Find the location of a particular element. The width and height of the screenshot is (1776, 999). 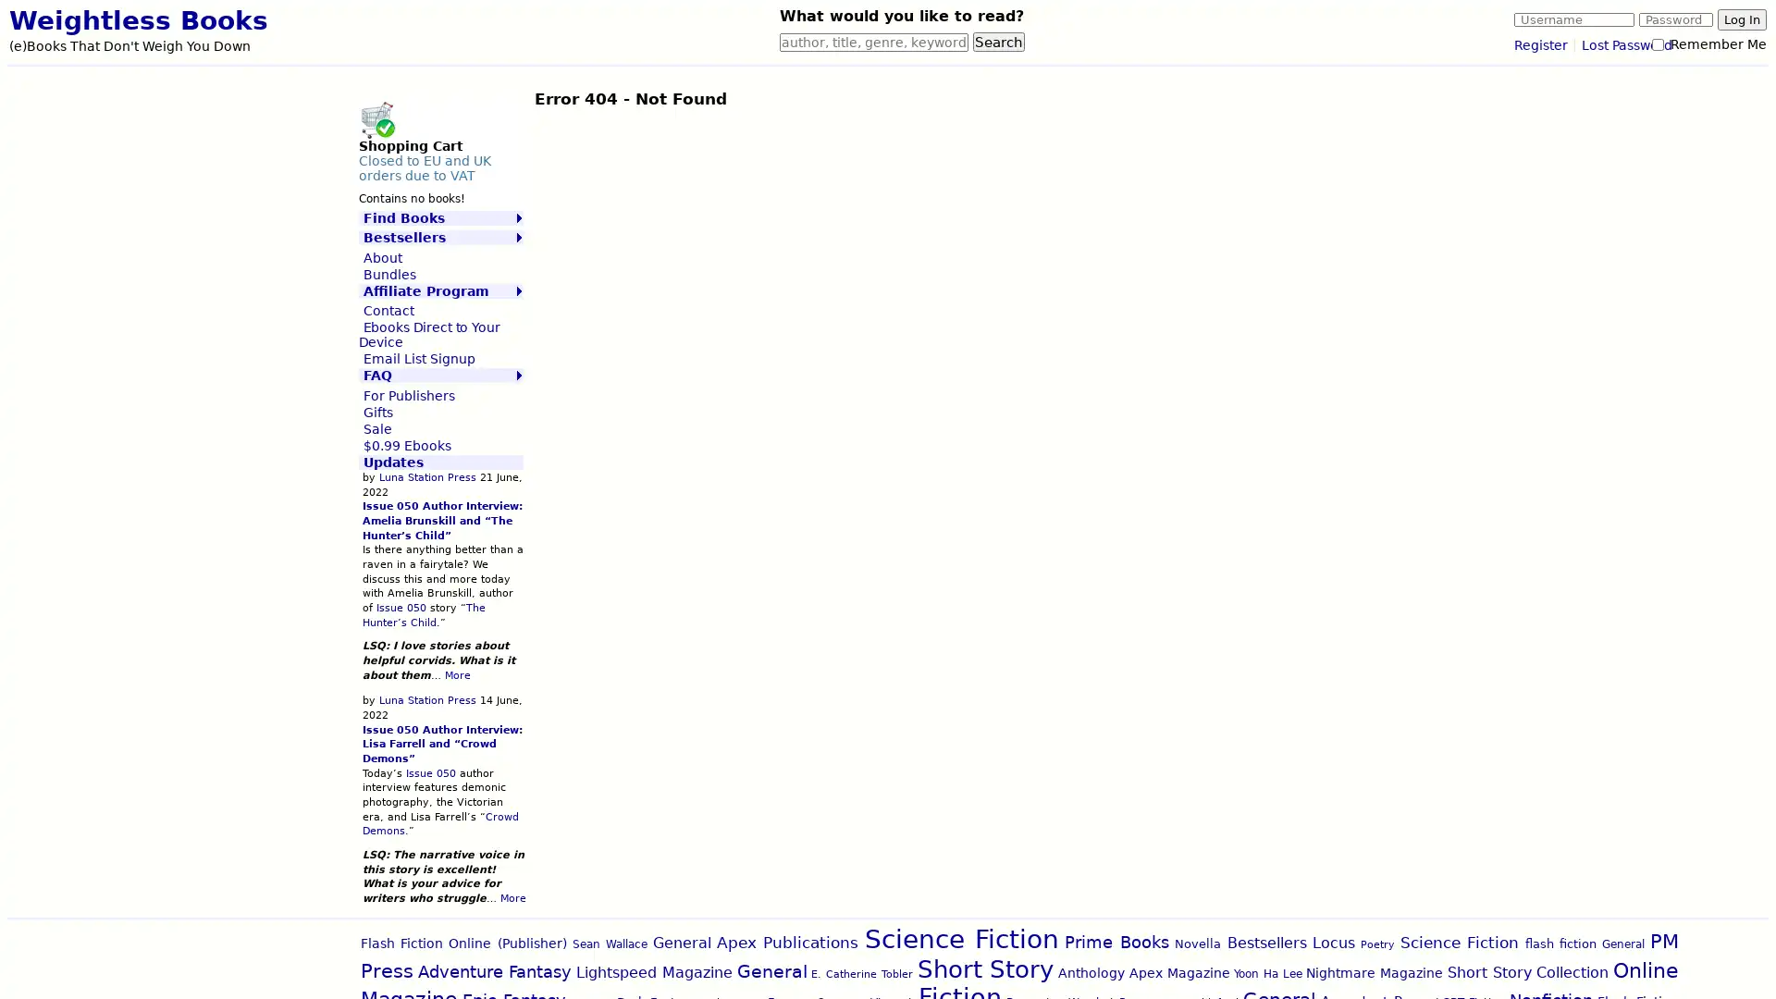

Log In is located at coordinates (1741, 19).